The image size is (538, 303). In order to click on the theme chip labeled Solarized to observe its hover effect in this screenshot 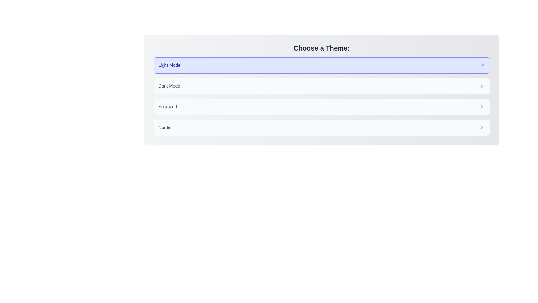, I will do `click(321, 107)`.